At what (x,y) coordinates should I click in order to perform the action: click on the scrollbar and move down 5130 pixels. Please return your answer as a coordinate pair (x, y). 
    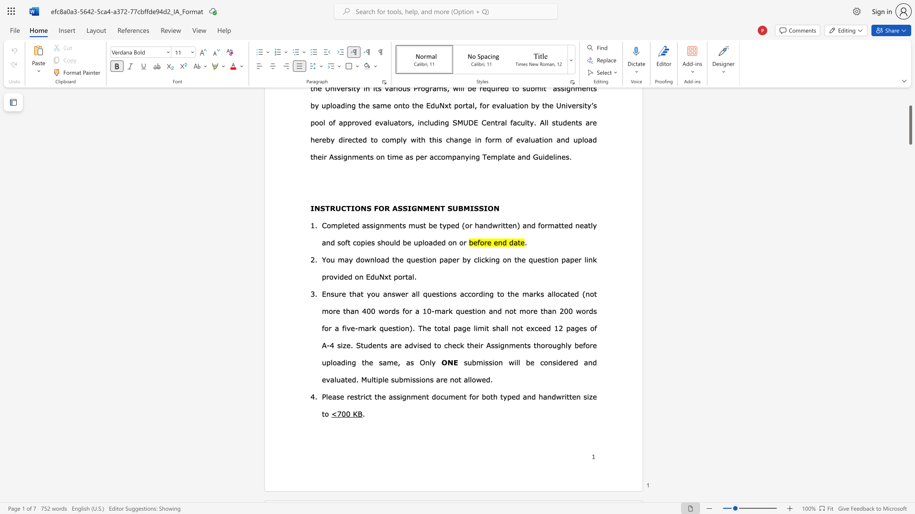
    Looking at the image, I should click on (910, 124).